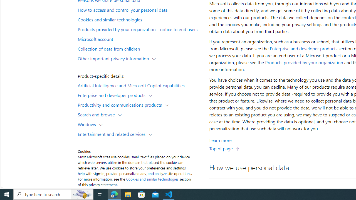  I want to click on 'Windows', so click(88, 124).